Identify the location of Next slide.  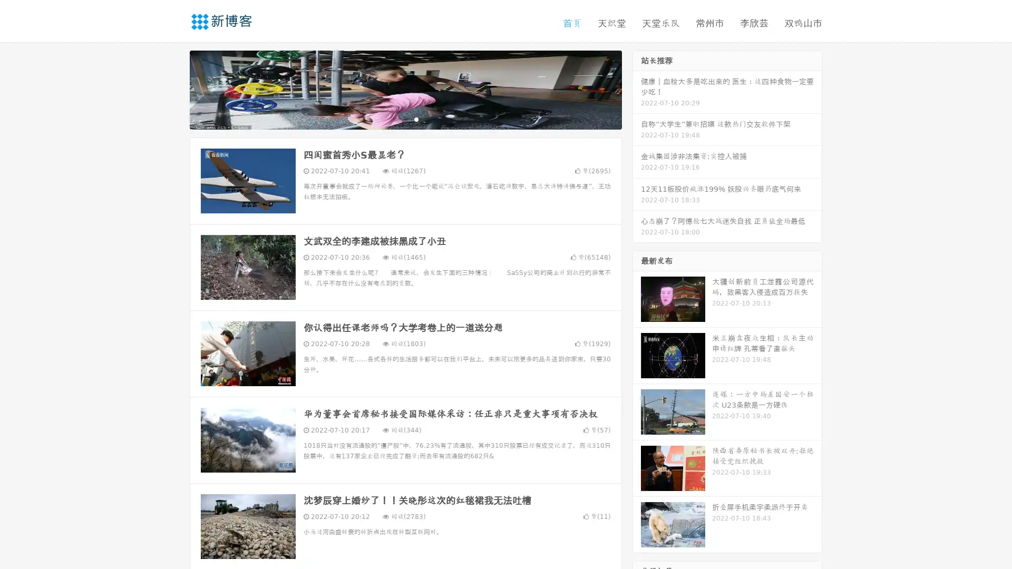
(637, 89).